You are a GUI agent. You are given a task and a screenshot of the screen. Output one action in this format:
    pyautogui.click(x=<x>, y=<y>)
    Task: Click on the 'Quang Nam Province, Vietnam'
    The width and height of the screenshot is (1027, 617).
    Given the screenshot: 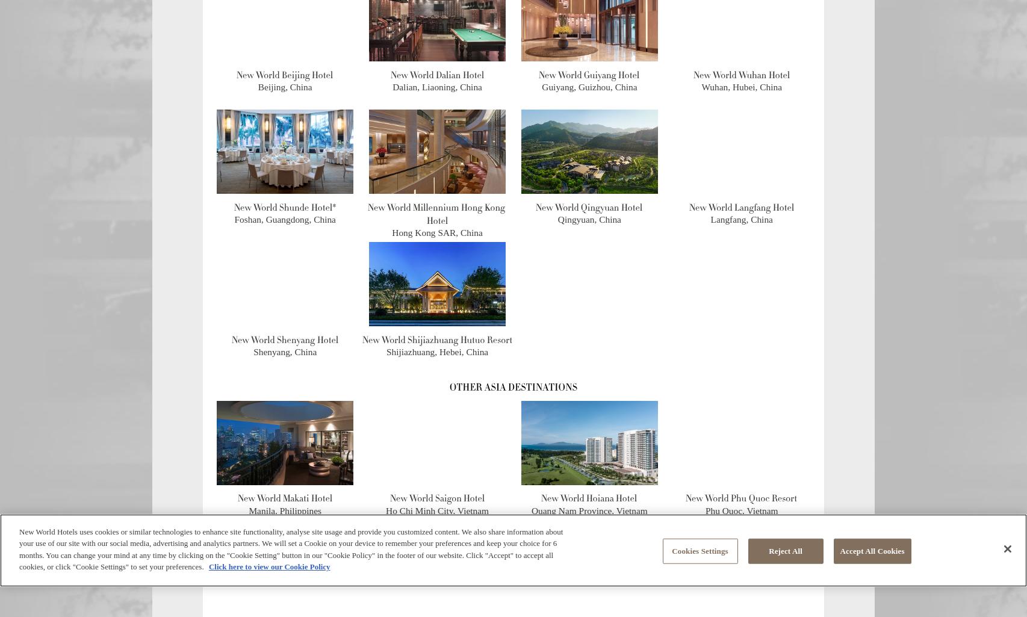 What is the action you would take?
    pyautogui.click(x=531, y=510)
    